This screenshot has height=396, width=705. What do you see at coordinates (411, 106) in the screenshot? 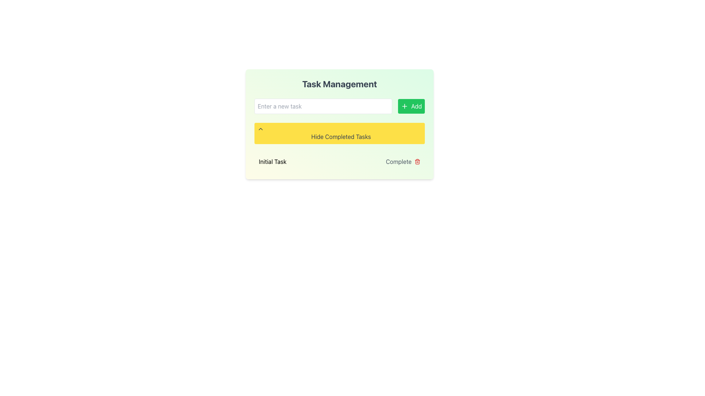
I see `the green 'Add' button with a '+' icon to observe its hover effect` at bounding box center [411, 106].